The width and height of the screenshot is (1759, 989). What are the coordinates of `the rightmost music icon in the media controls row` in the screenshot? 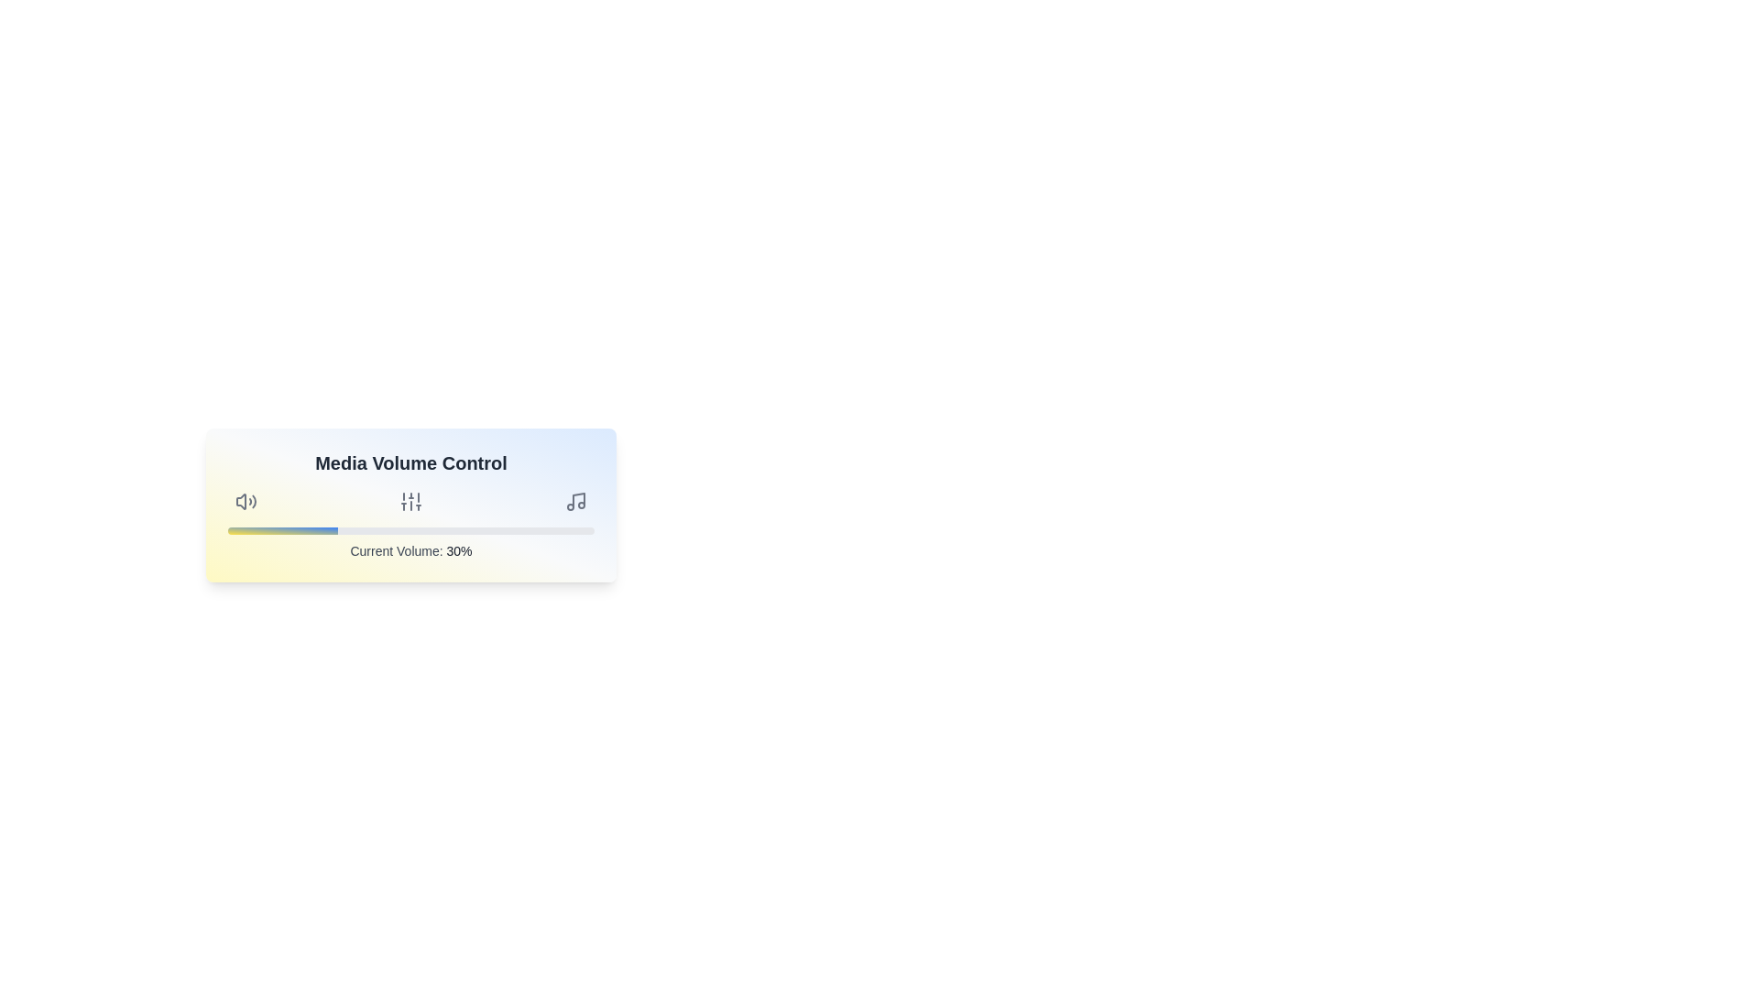 It's located at (574, 501).